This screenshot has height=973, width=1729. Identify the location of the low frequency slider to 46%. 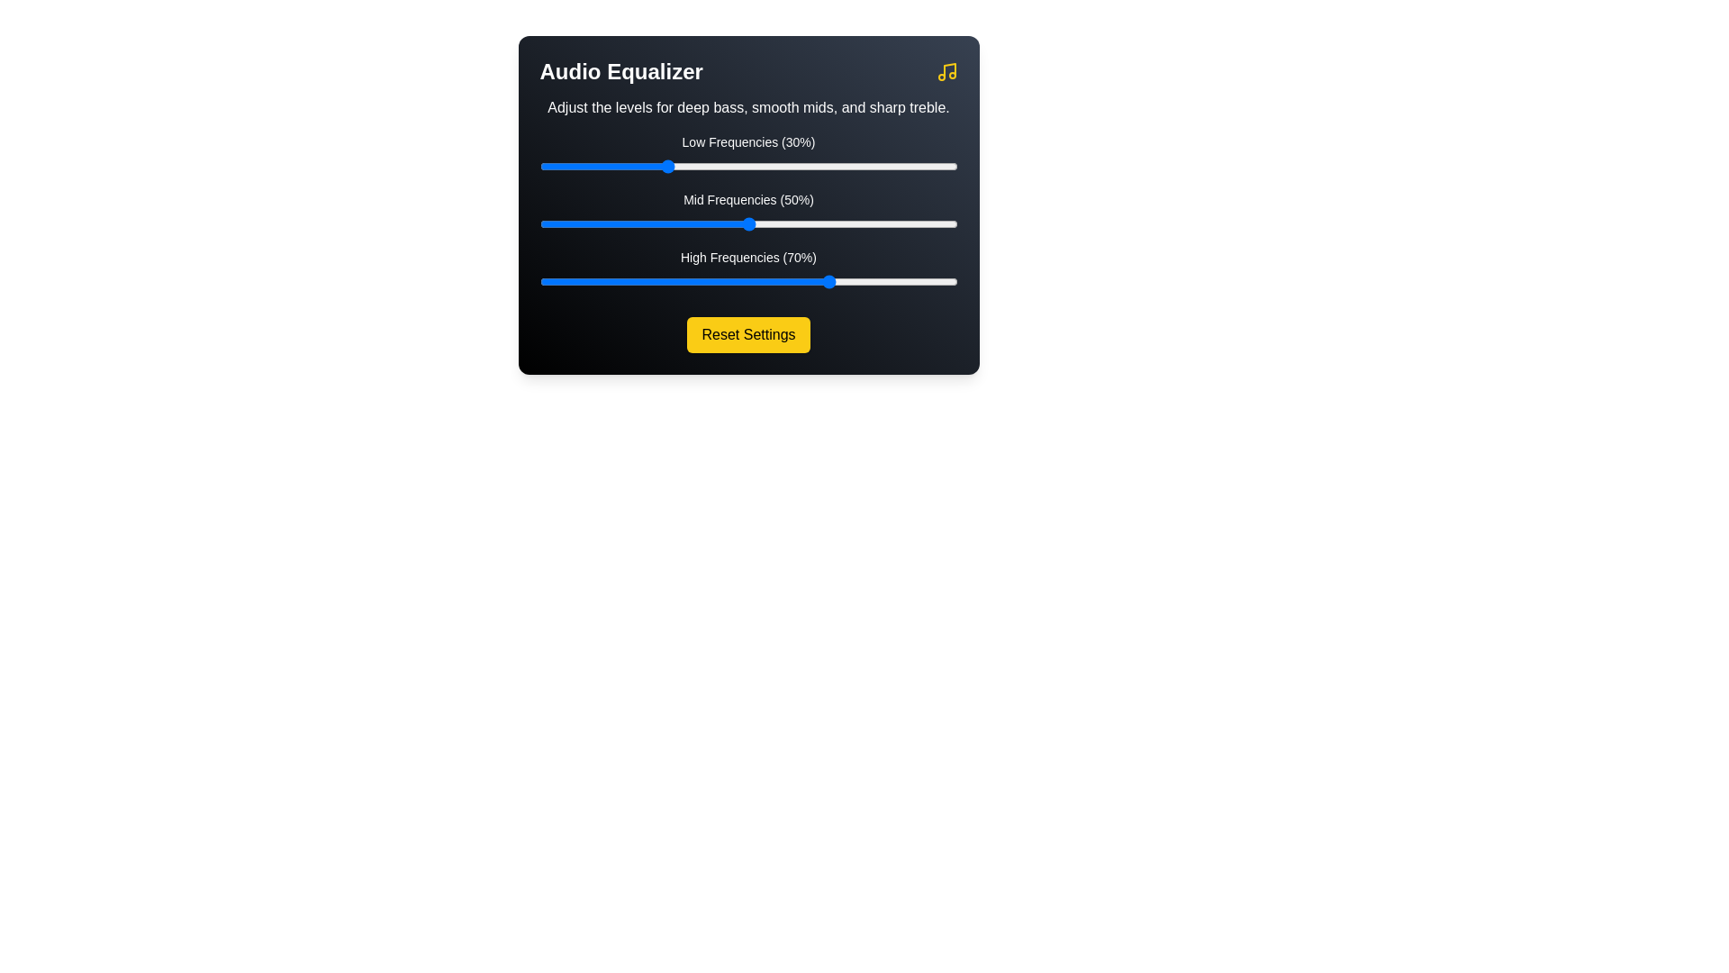
(731, 167).